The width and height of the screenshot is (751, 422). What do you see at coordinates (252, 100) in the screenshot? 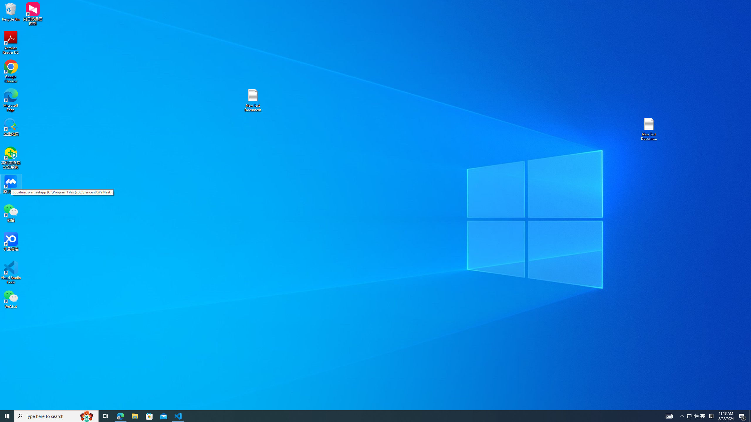
I see `'New Text Document'` at bounding box center [252, 100].